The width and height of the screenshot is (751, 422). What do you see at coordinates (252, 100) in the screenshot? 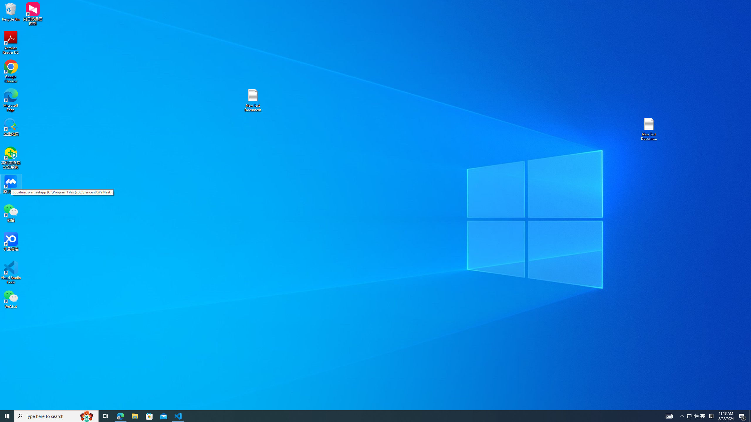
I see `'New Text Document'` at bounding box center [252, 100].